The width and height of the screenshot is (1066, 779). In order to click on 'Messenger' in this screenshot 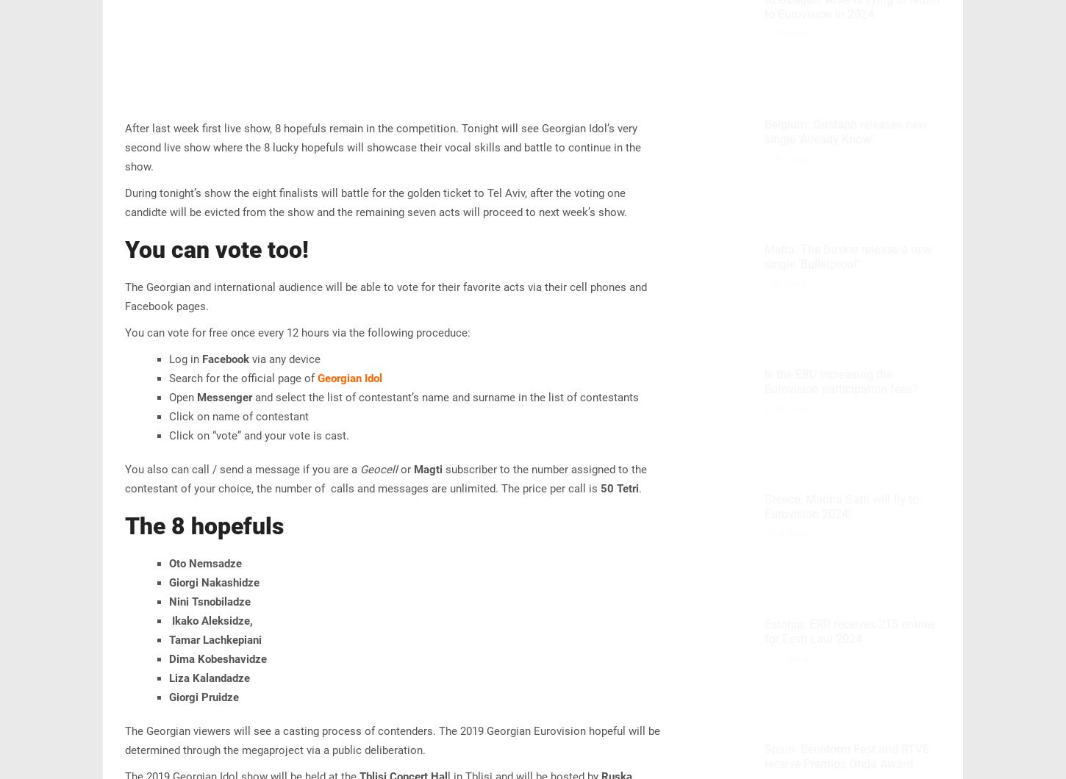, I will do `click(224, 398)`.